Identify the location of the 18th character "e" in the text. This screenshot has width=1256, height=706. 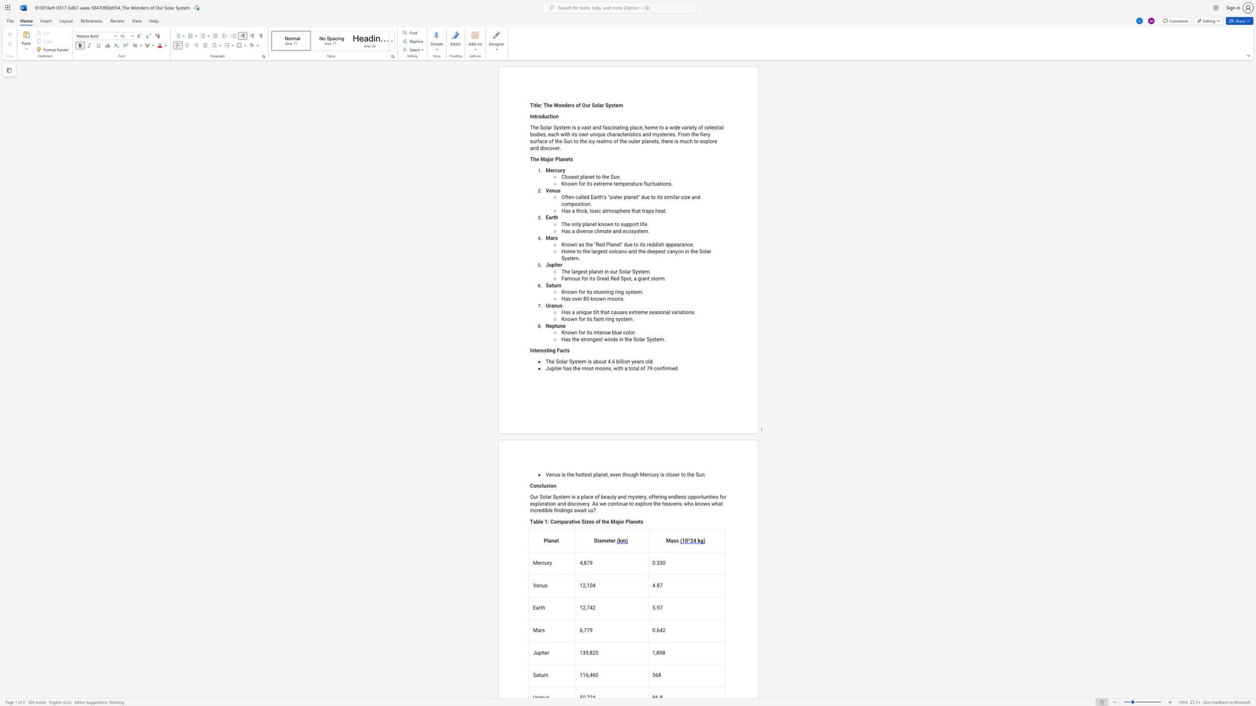
(560, 140).